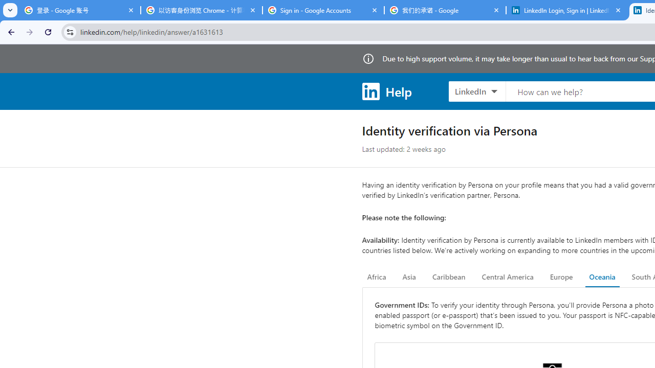 The height and width of the screenshot is (368, 655). What do you see at coordinates (566, 10) in the screenshot?
I see `'LinkedIn Login, Sign in | LinkedIn'` at bounding box center [566, 10].